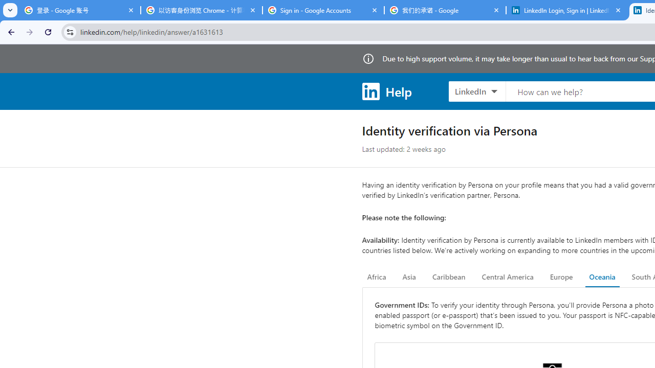 The height and width of the screenshot is (368, 655). What do you see at coordinates (566, 10) in the screenshot?
I see `'LinkedIn Login, Sign in | LinkedIn'` at bounding box center [566, 10].